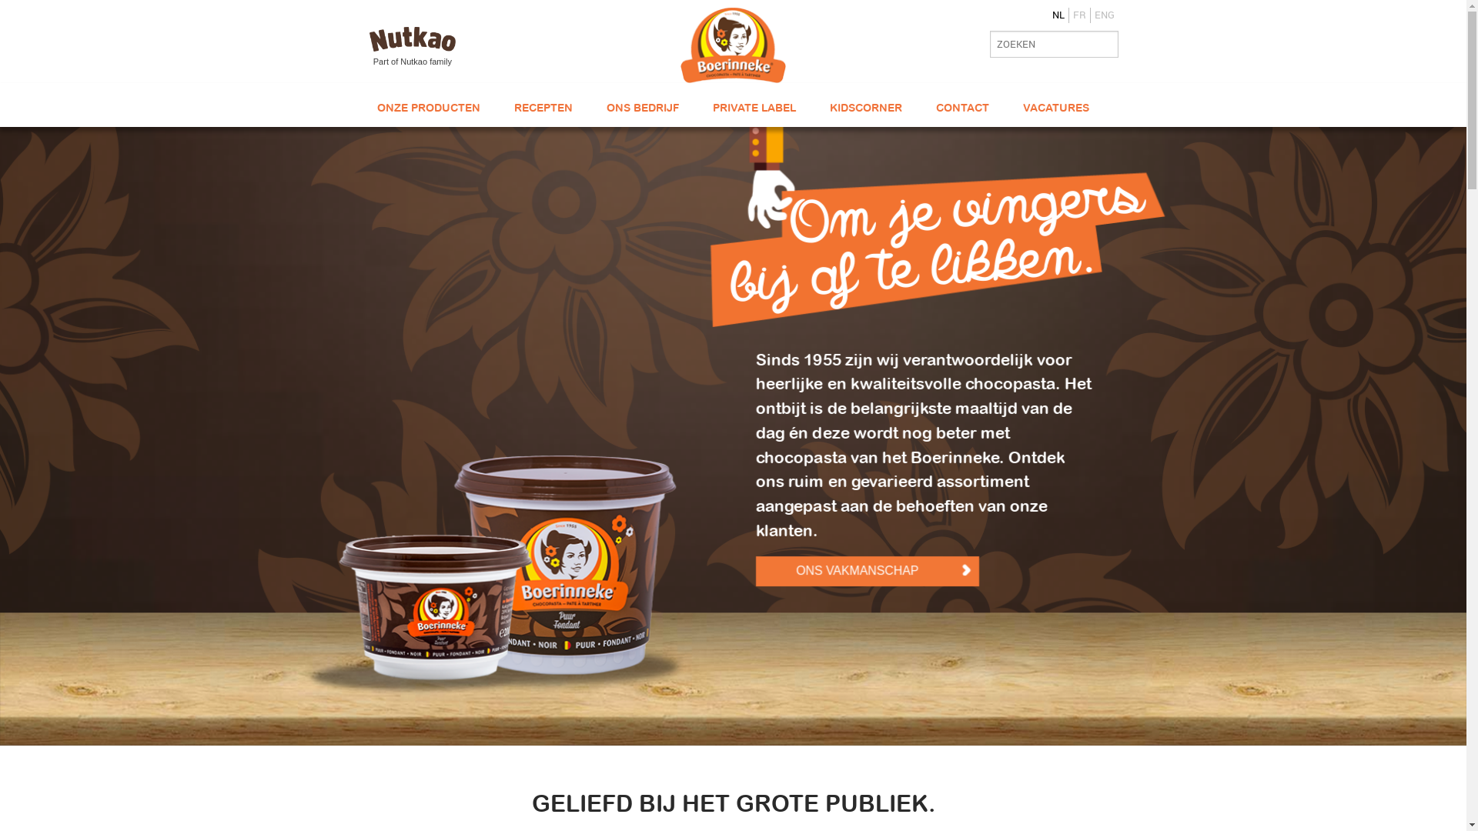 This screenshot has height=831, width=1478. Describe the element at coordinates (643, 106) in the screenshot. I see `'ONS BEDRIJF'` at that location.